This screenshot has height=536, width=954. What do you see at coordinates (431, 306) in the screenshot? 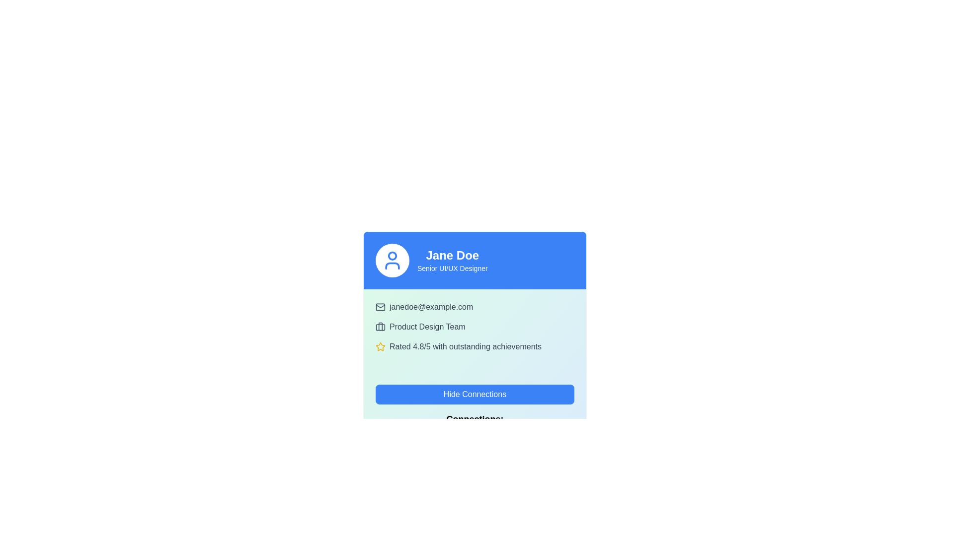
I see `the static text display showing the email address 'janedoe@example.com', which is styled in gray and positioned to the right of an envelope icon within a vertical list` at bounding box center [431, 306].